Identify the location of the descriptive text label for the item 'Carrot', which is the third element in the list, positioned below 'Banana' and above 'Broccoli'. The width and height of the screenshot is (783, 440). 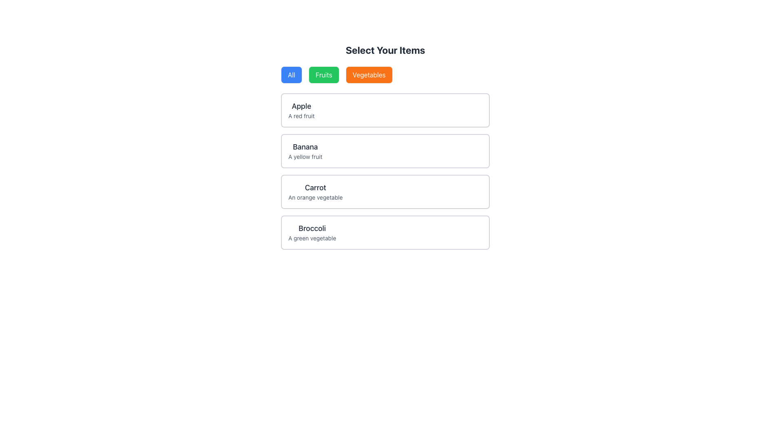
(315, 198).